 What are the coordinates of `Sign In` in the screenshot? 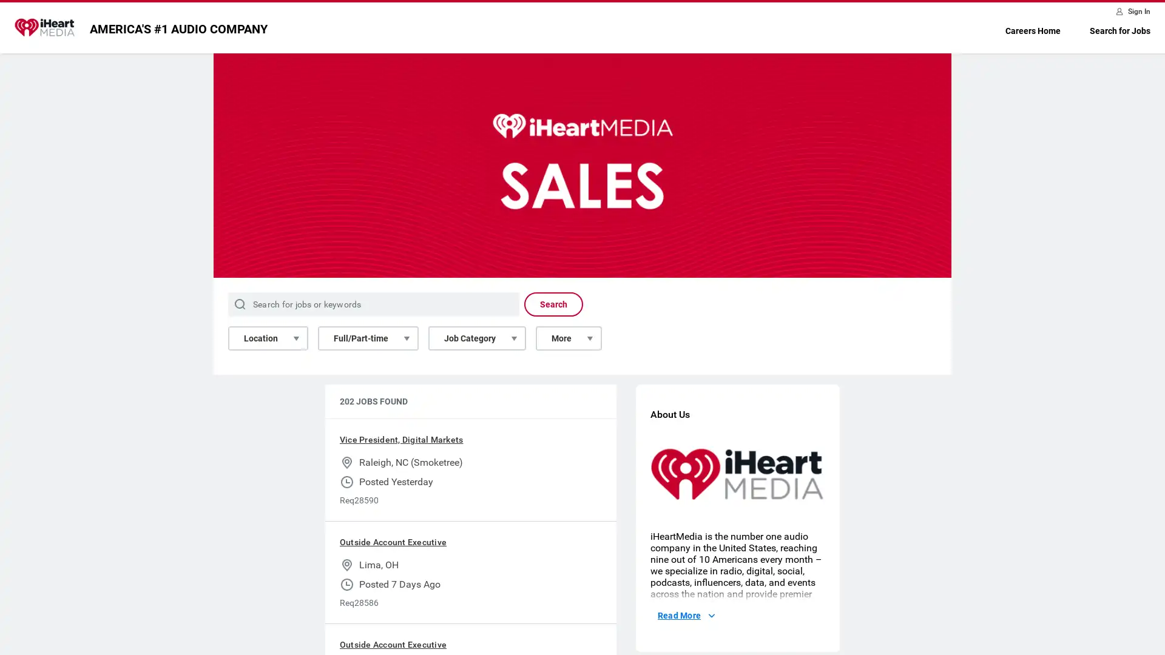 It's located at (1132, 11).